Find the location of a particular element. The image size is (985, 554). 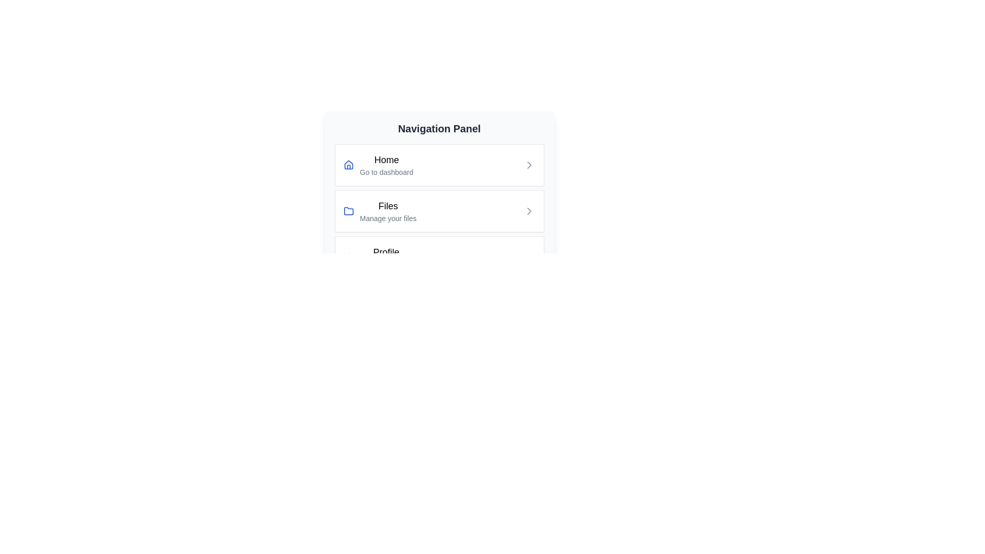

the card-based navigation menu located at the top left section of the page is located at coordinates (439, 223).